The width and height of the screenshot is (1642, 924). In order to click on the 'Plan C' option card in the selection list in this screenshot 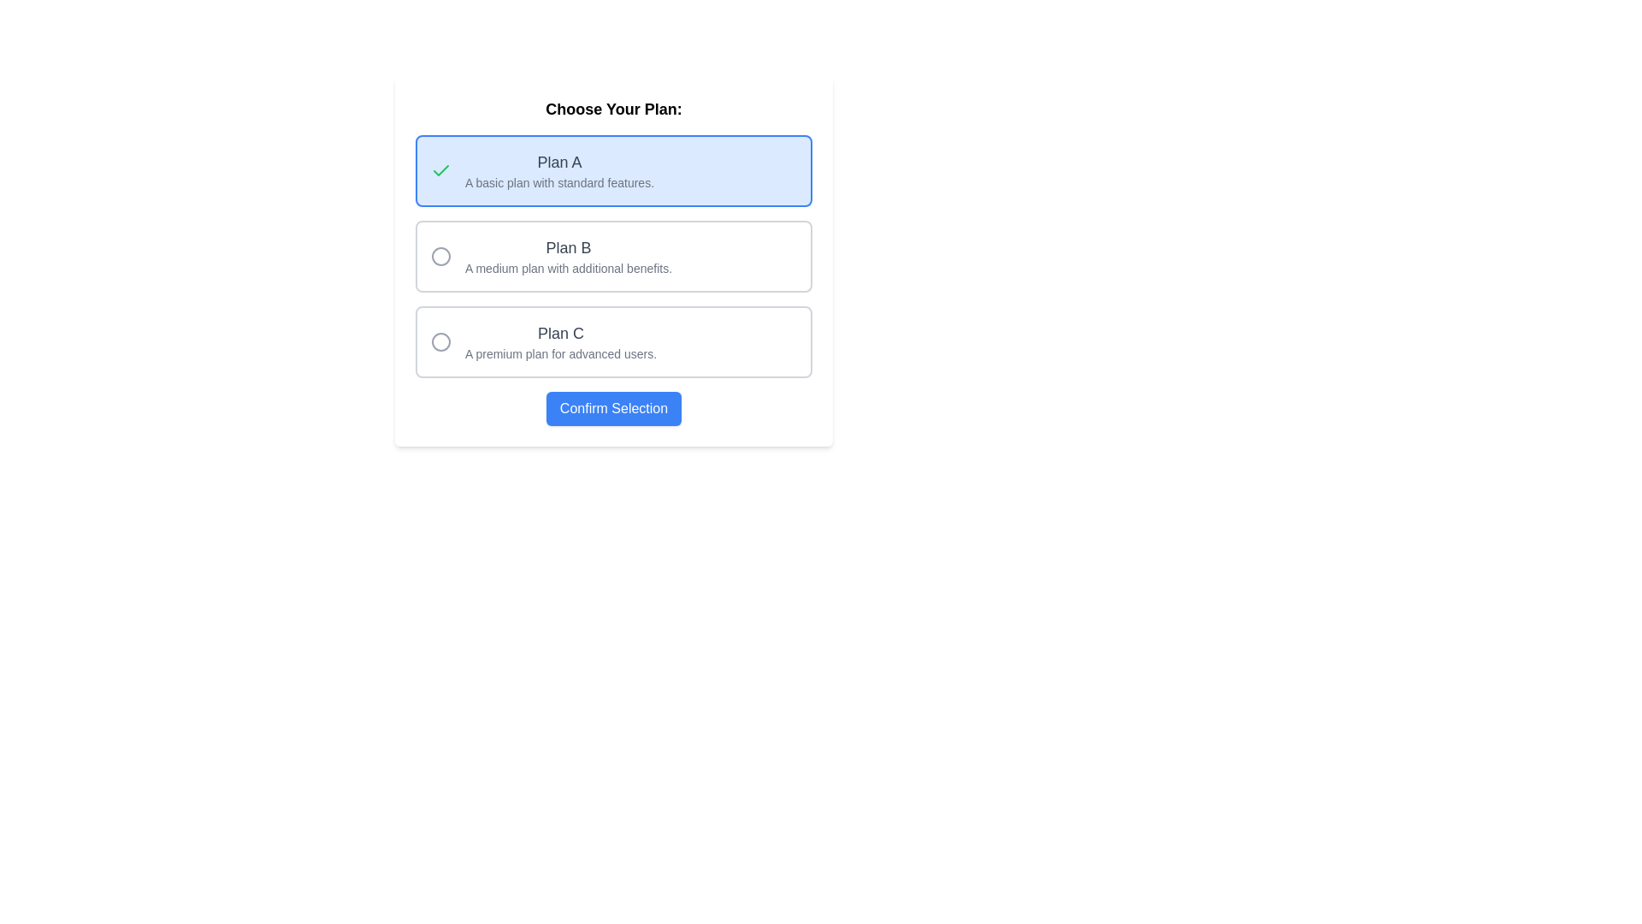, I will do `click(614, 342)`.